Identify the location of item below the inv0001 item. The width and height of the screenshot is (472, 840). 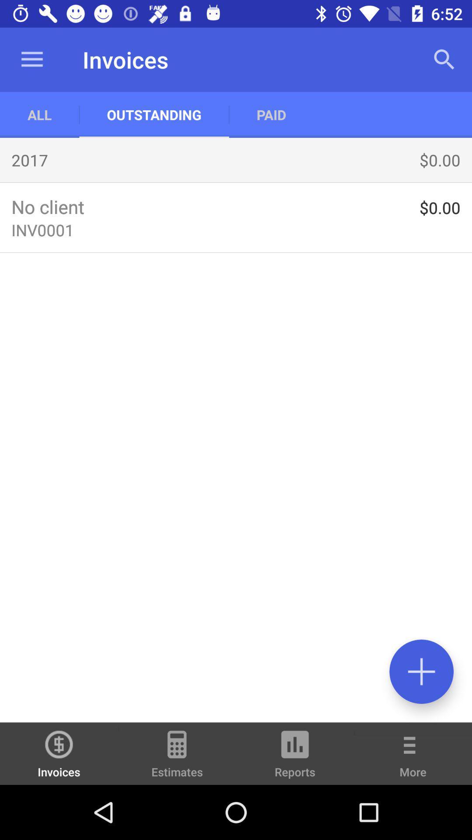
(421, 671).